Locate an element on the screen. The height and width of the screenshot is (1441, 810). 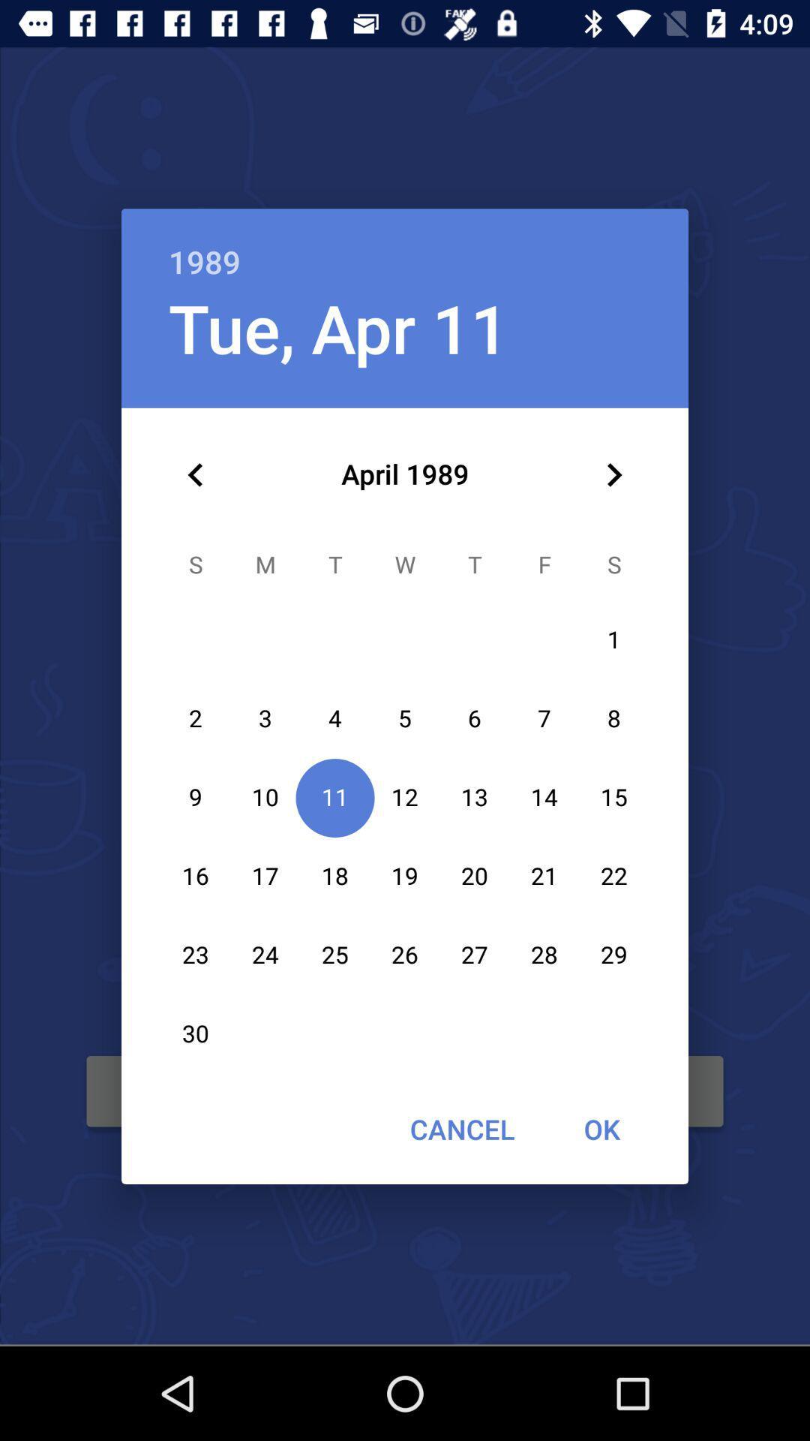
item next to the cancel is located at coordinates (601, 1129).